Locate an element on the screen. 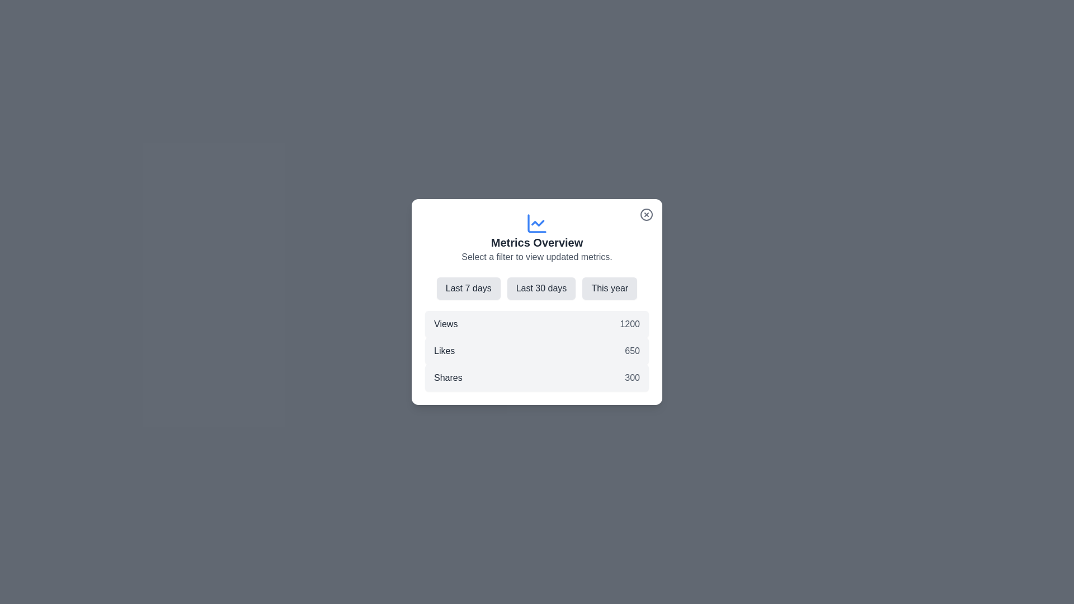 The height and width of the screenshot is (604, 1074). the filter Last 30 days by clicking on the corresponding button is located at coordinates (541, 288).